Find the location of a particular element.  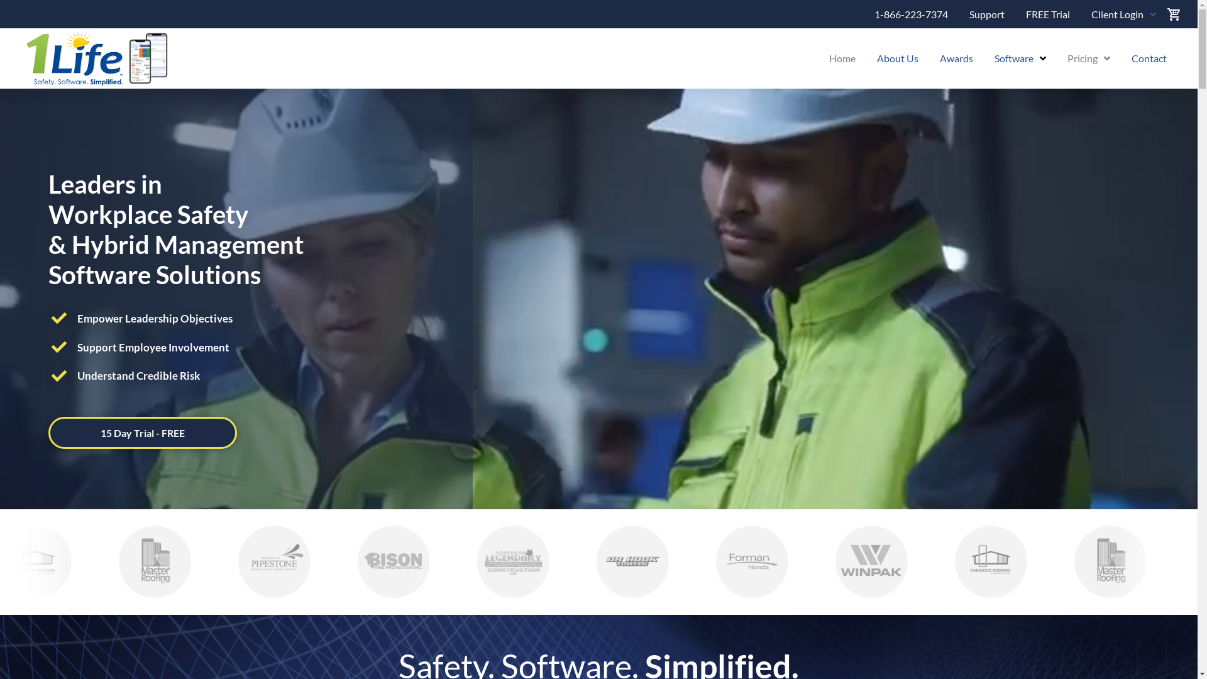

'The Municipality of Pipestone' is located at coordinates (245, 561).